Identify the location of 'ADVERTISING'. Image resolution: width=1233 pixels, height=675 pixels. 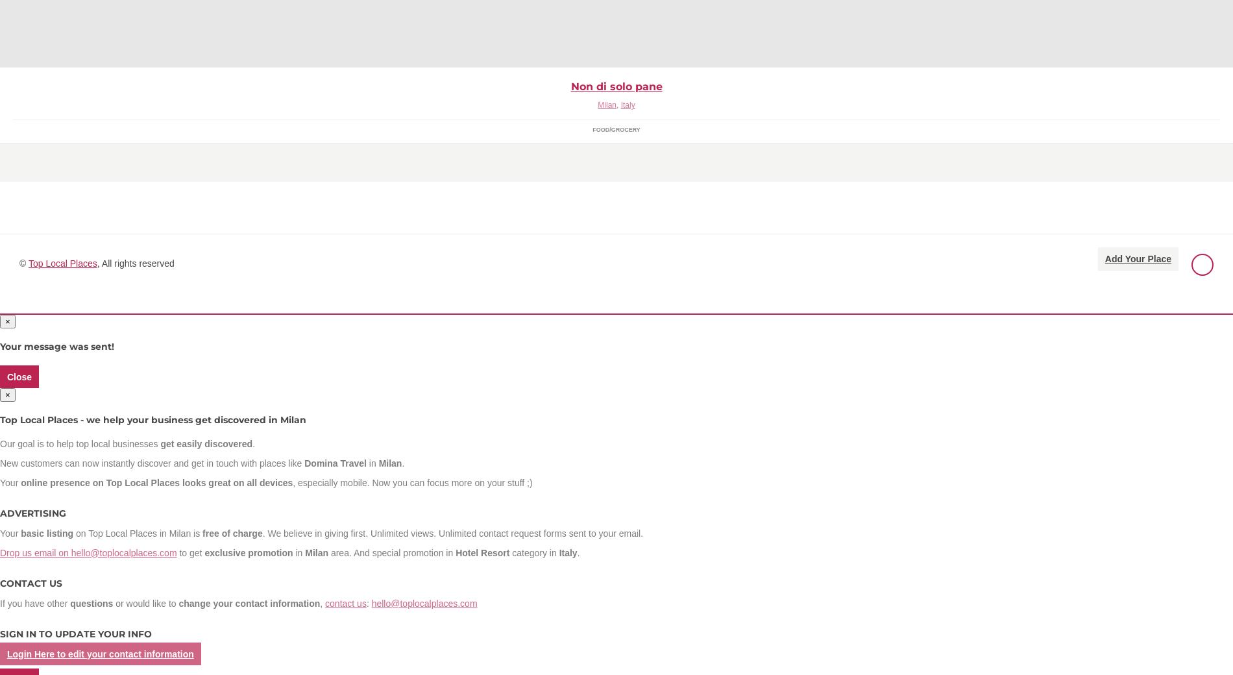
(32, 511).